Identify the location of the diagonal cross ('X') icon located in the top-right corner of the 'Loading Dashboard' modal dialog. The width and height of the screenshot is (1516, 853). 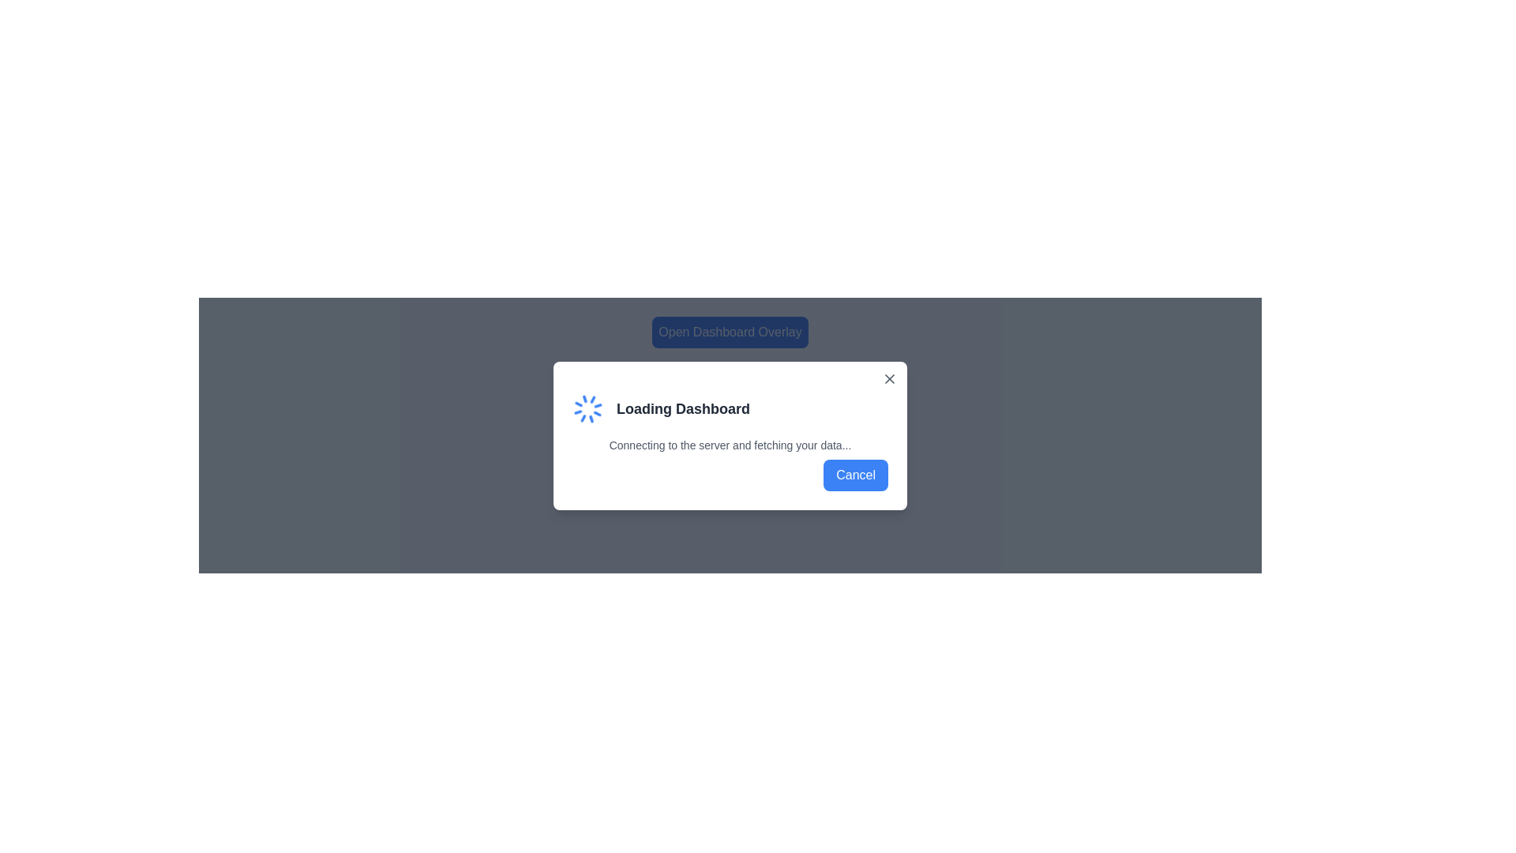
(890, 378).